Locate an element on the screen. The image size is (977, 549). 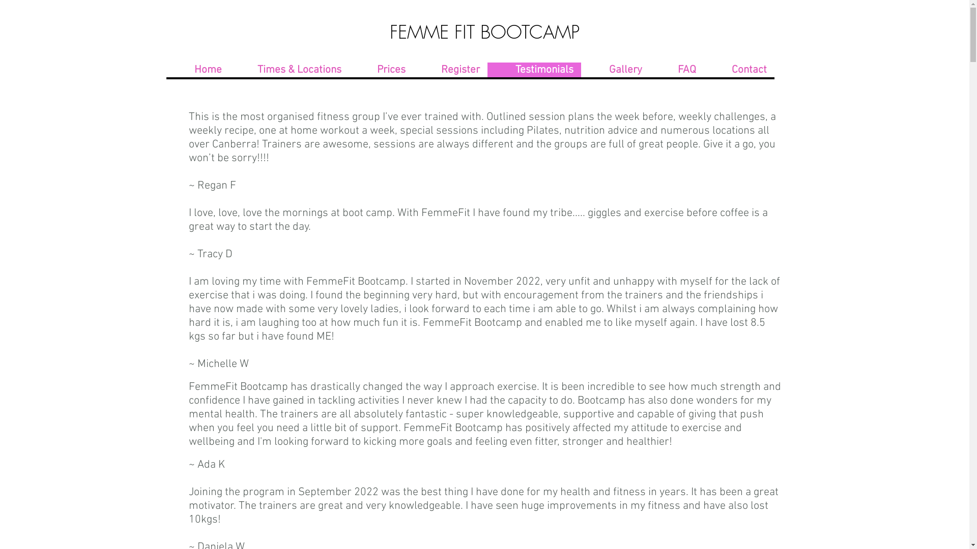
'Register' is located at coordinates (413, 69).